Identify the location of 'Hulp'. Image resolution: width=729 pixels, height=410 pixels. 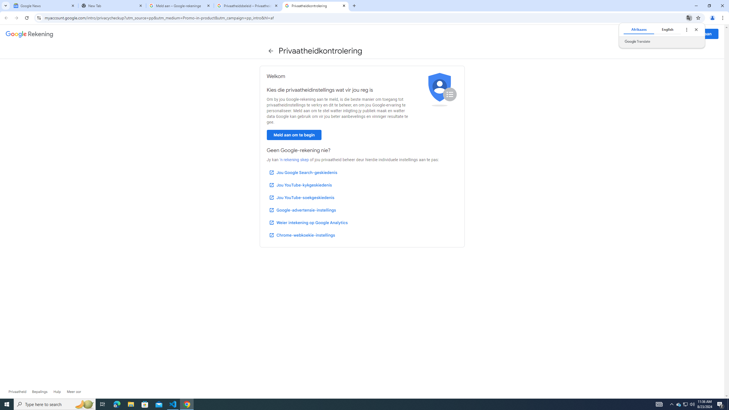
(57, 391).